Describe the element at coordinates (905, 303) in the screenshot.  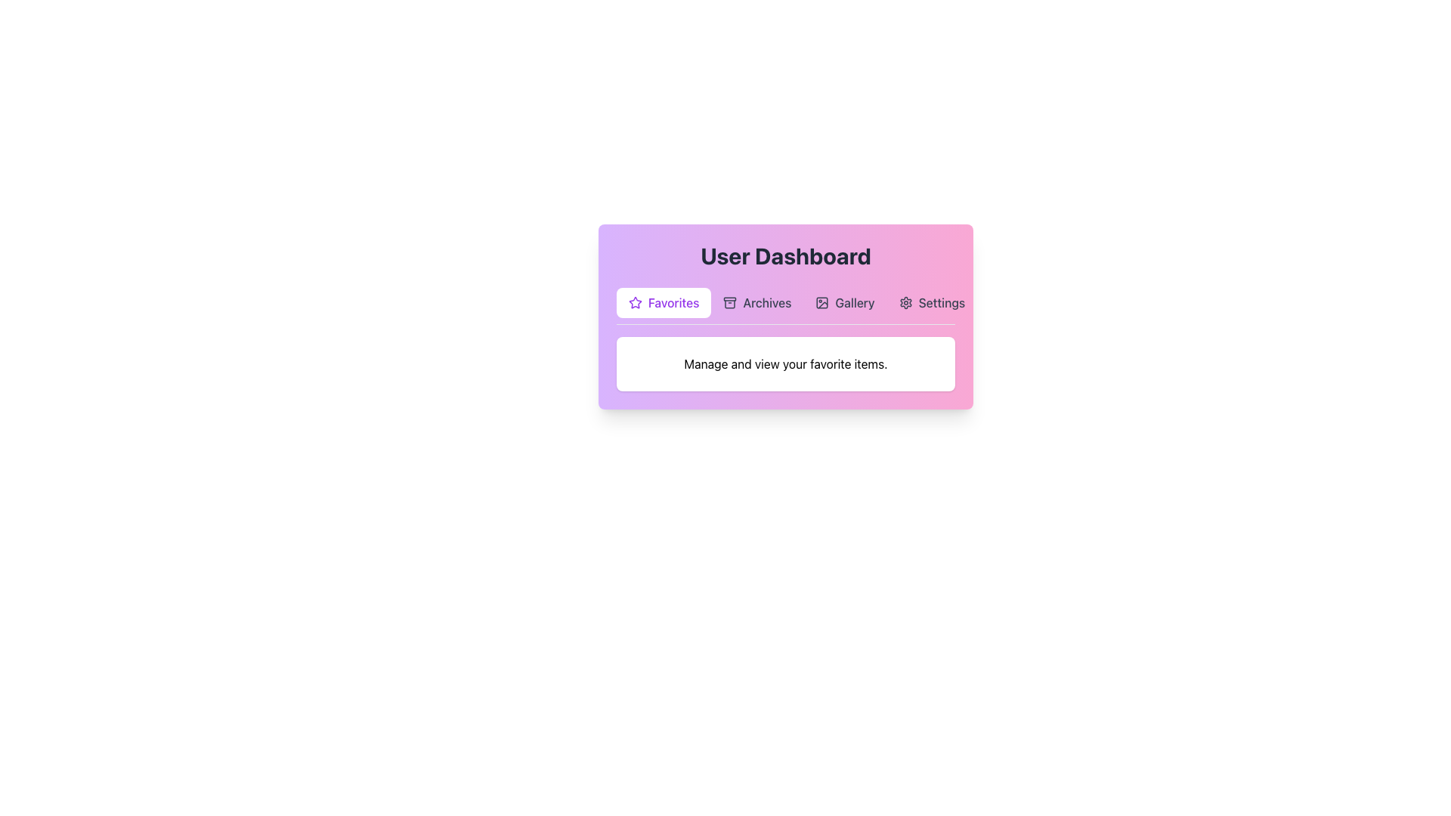
I see `the gear icon located at the far-right side of the navigation bar` at that location.